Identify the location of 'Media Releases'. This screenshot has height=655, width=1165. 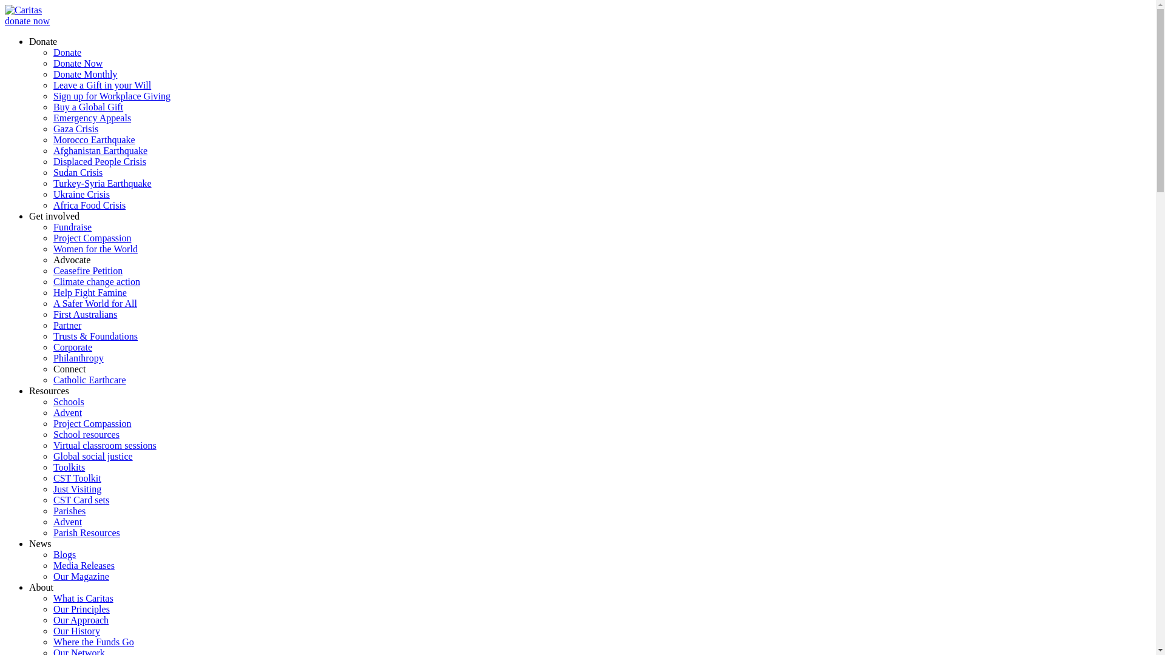
(83, 565).